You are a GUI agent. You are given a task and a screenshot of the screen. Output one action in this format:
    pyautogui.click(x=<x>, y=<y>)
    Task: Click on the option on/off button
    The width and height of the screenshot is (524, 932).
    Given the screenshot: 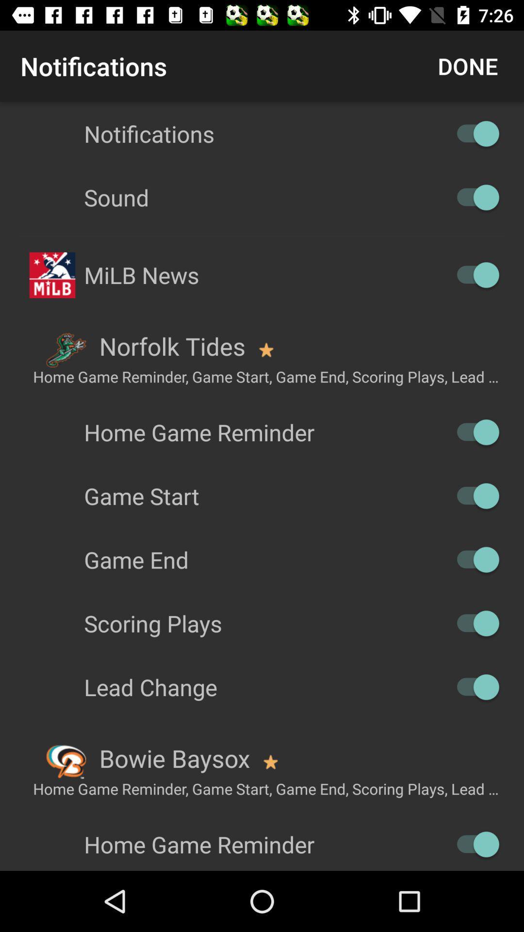 What is the action you would take?
    pyautogui.click(x=473, y=274)
    